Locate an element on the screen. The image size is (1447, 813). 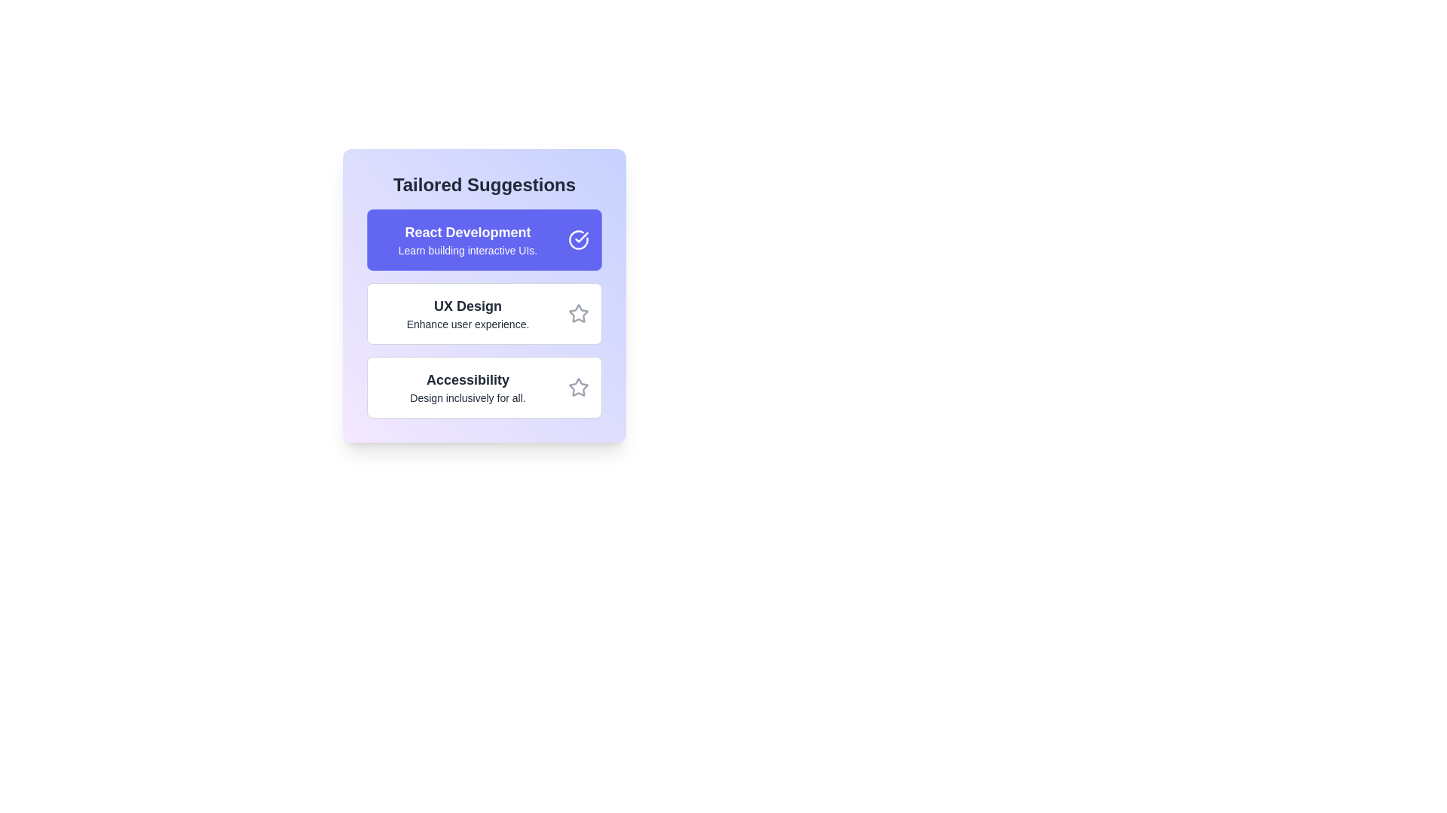
the suggestion with the title React Development is located at coordinates (485, 239).